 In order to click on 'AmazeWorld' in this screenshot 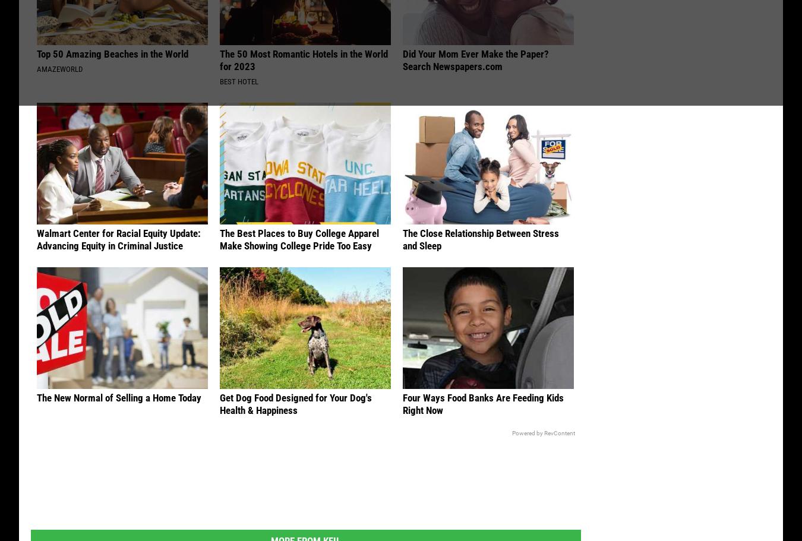, I will do `click(59, 70)`.